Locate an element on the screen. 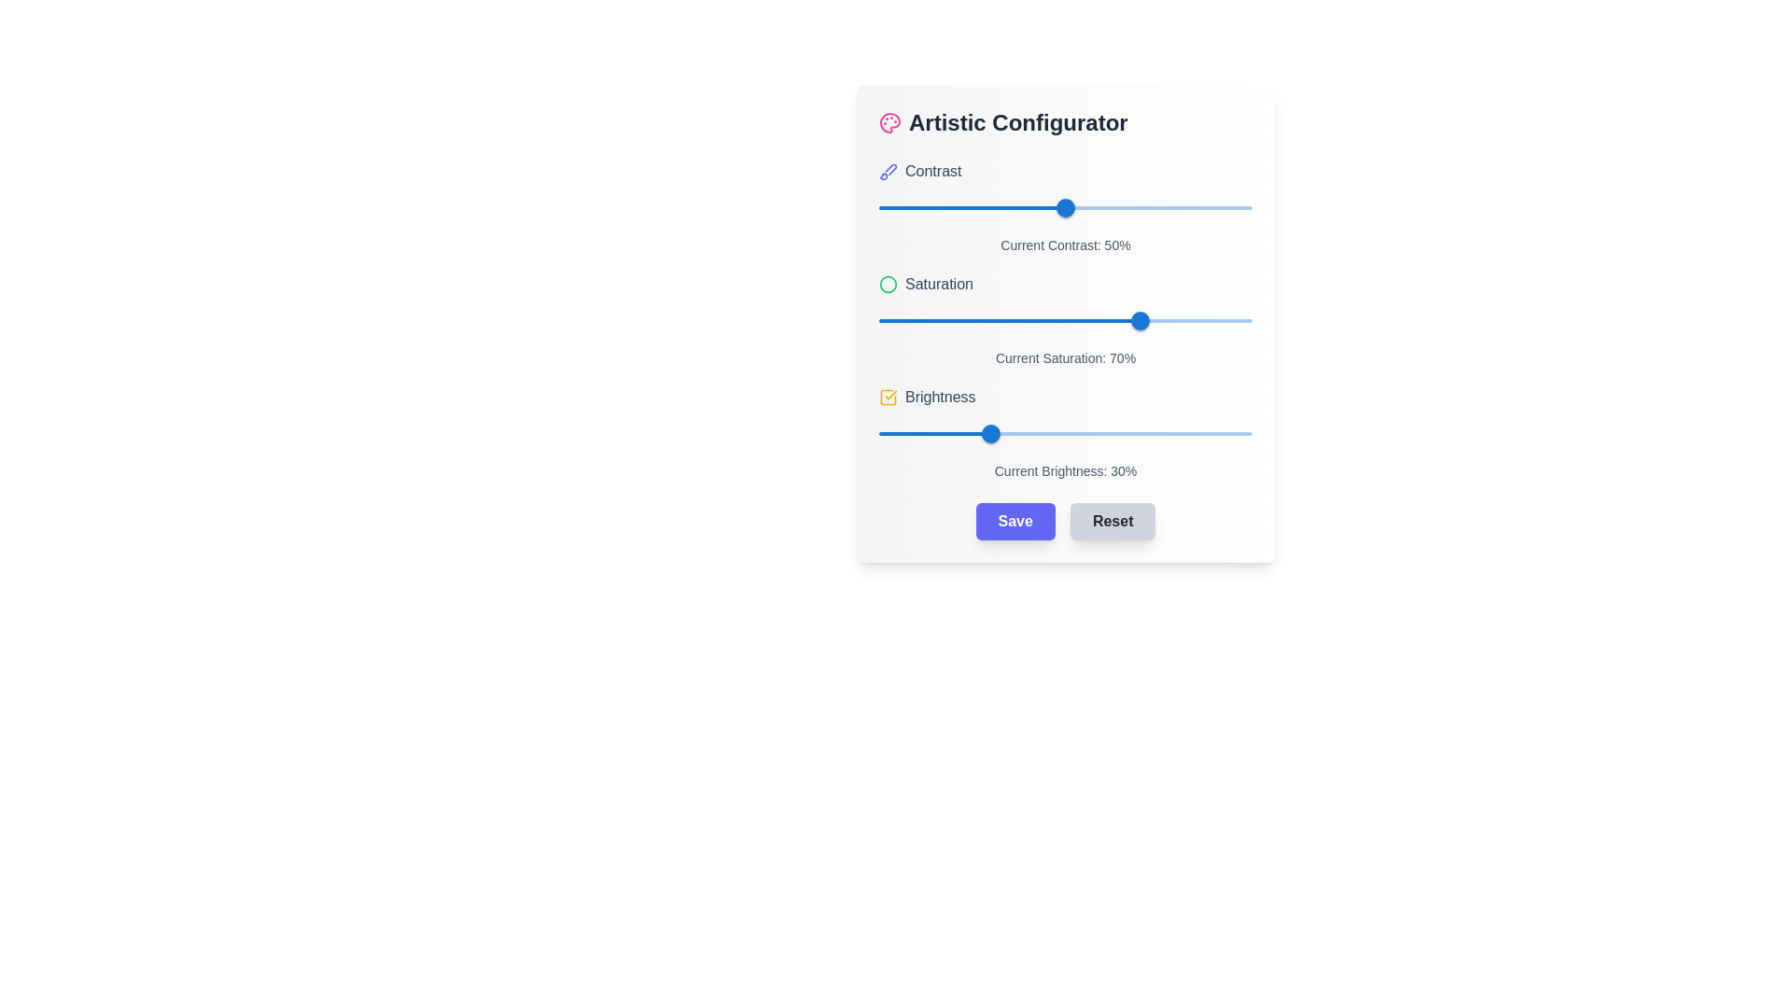 This screenshot has width=1792, height=1008. the brightness level is located at coordinates (1136, 434).